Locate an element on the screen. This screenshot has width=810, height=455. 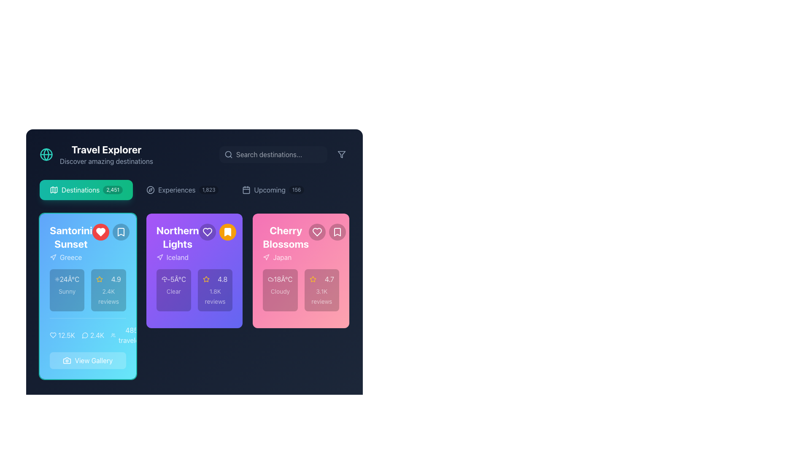
the heart-shaped icon outlined in white with a hollow interior located in the top-right corner of the 'Northern Lights' card to like or favorite the item is located at coordinates (207, 232).